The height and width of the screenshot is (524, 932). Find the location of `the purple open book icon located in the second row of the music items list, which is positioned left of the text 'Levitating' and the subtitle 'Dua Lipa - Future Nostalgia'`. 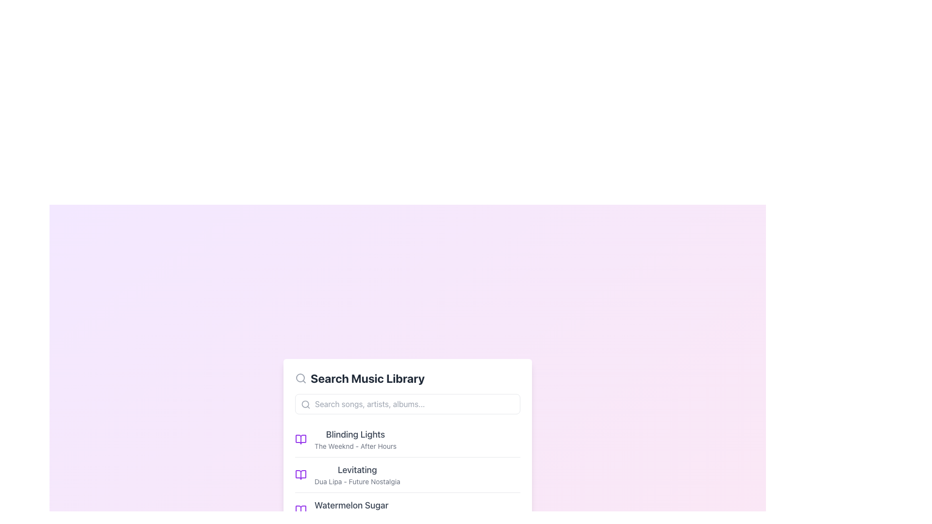

the purple open book icon located in the second row of the music items list, which is positioned left of the text 'Levitating' and the subtitle 'Dua Lipa - Future Nostalgia' is located at coordinates (300, 474).